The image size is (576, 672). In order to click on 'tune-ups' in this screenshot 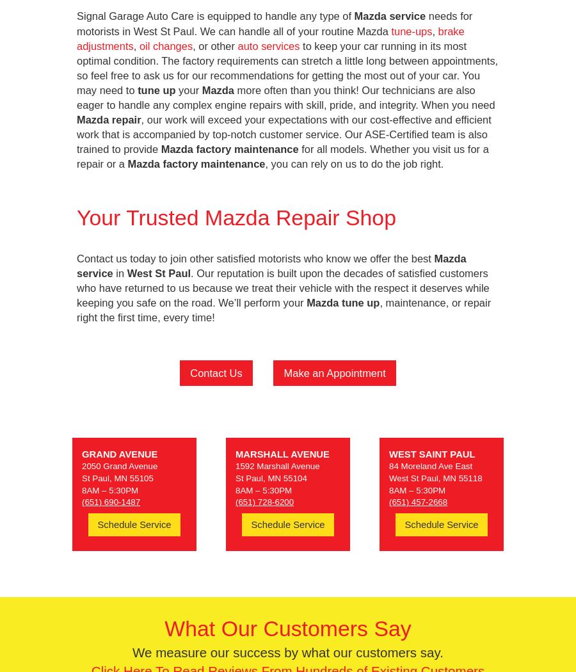, I will do `click(411, 29)`.